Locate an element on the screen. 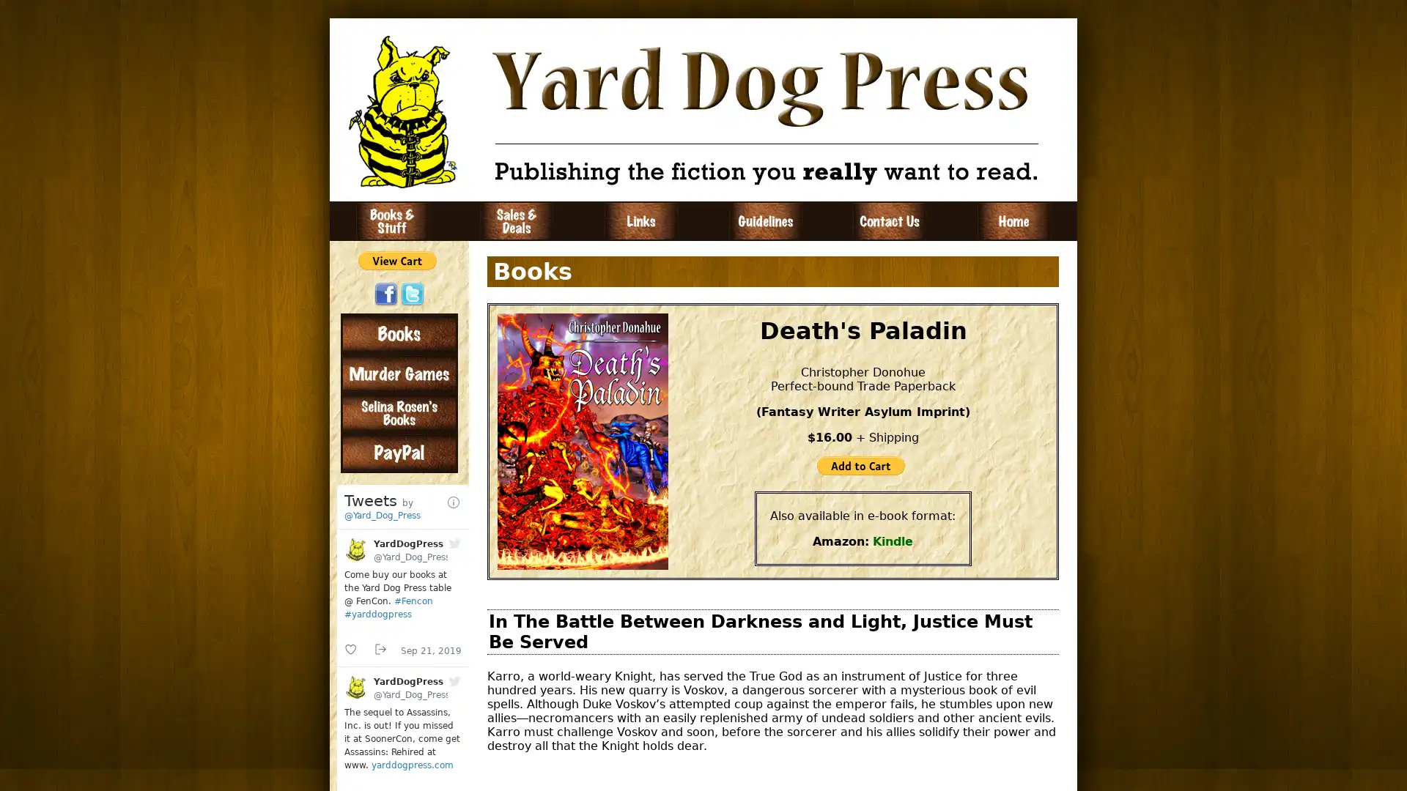 This screenshot has width=1407, height=791. PayPal - The safer, easier way to pay online! is located at coordinates (860, 466).